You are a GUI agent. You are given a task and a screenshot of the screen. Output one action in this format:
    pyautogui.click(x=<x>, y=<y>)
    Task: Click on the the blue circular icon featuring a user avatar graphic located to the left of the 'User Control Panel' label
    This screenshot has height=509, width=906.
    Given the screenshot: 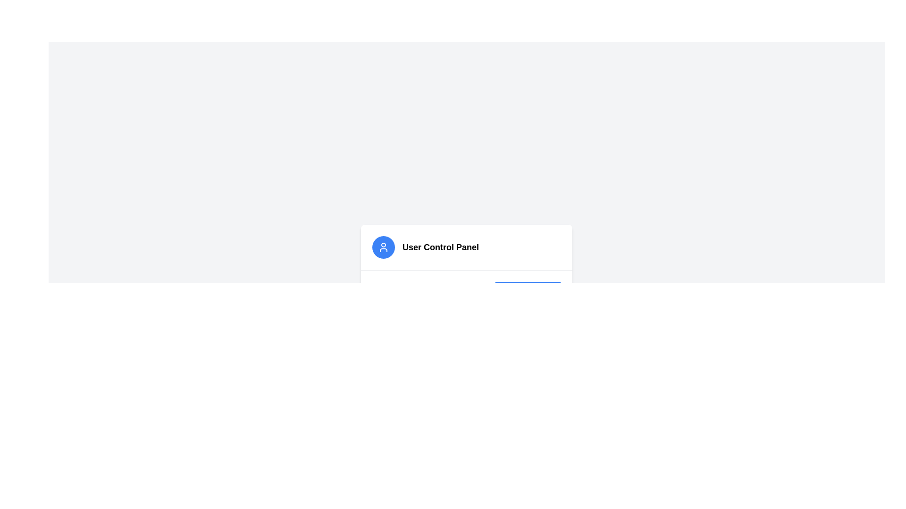 What is the action you would take?
    pyautogui.click(x=466, y=246)
    